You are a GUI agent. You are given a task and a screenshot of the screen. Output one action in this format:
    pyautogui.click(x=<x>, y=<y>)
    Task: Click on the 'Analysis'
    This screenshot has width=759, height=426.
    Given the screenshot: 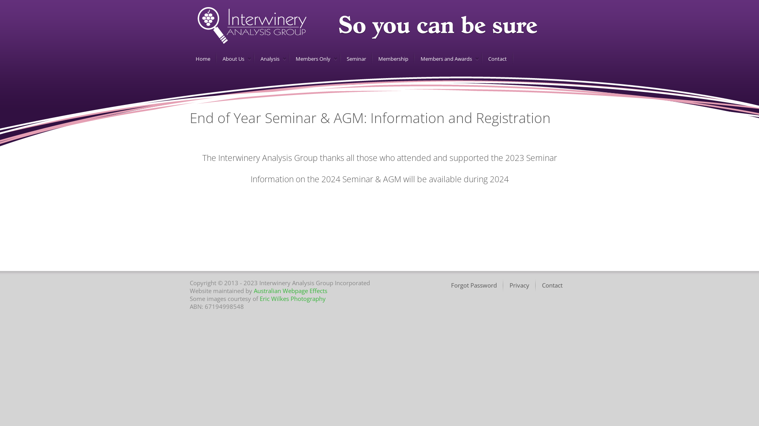 What is the action you would take?
    pyautogui.click(x=254, y=58)
    